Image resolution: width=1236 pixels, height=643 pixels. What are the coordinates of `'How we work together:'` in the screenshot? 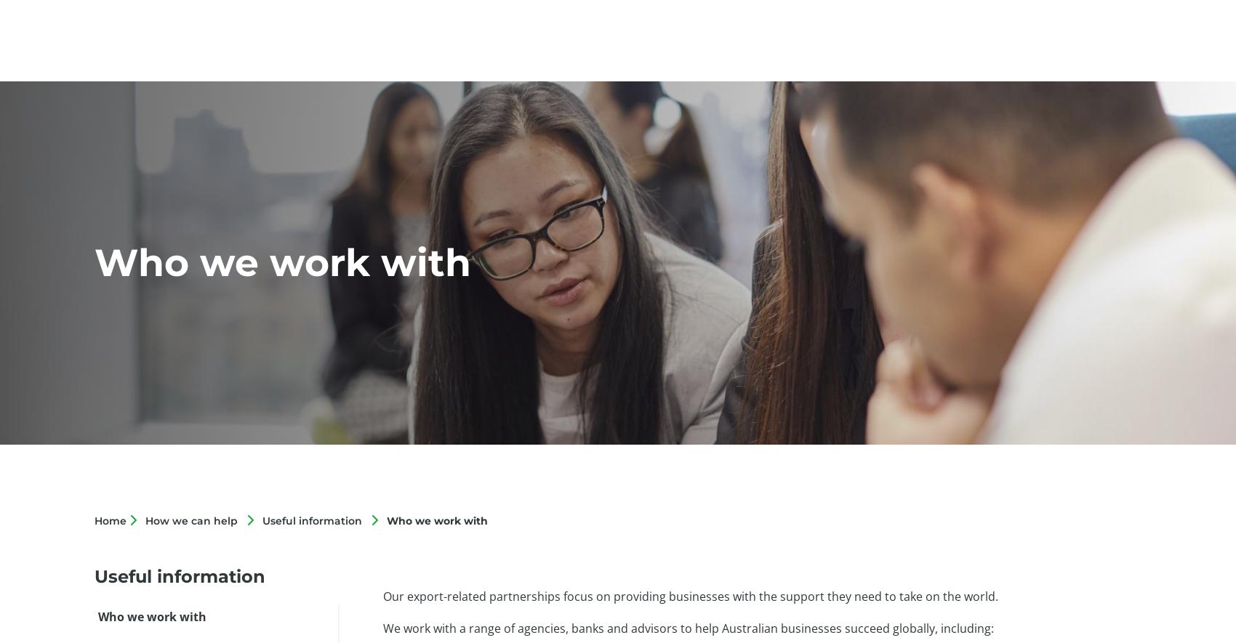 It's located at (446, 155).